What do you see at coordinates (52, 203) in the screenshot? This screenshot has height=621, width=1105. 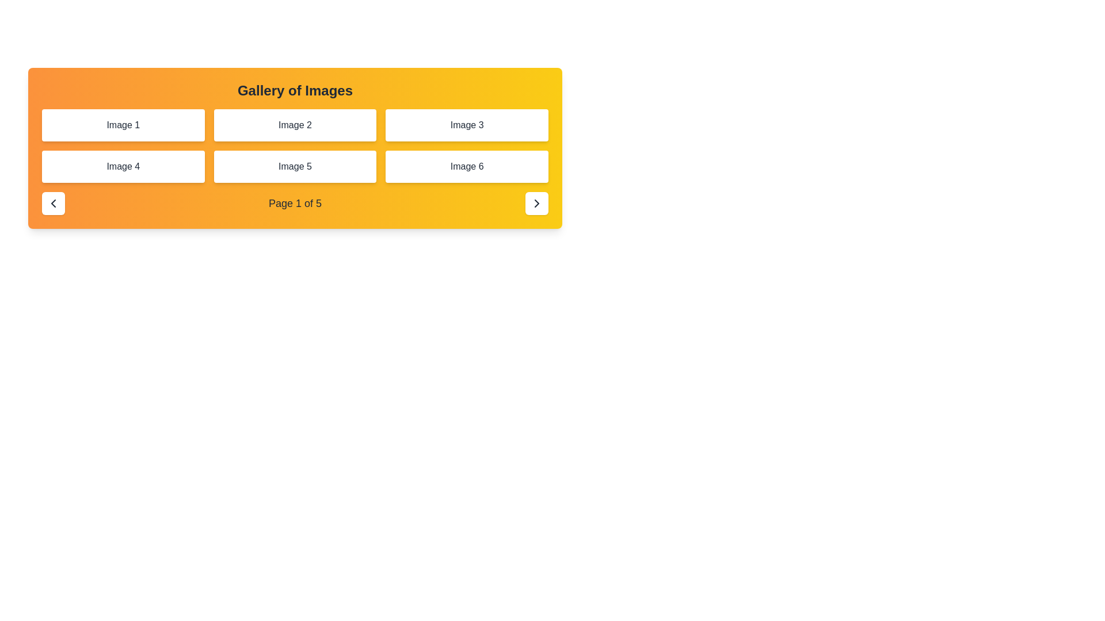 I see `the chevron-shaped arrow icon pointing left, which is located inside the first button of the bottom navigation row in the gallery interface` at bounding box center [52, 203].